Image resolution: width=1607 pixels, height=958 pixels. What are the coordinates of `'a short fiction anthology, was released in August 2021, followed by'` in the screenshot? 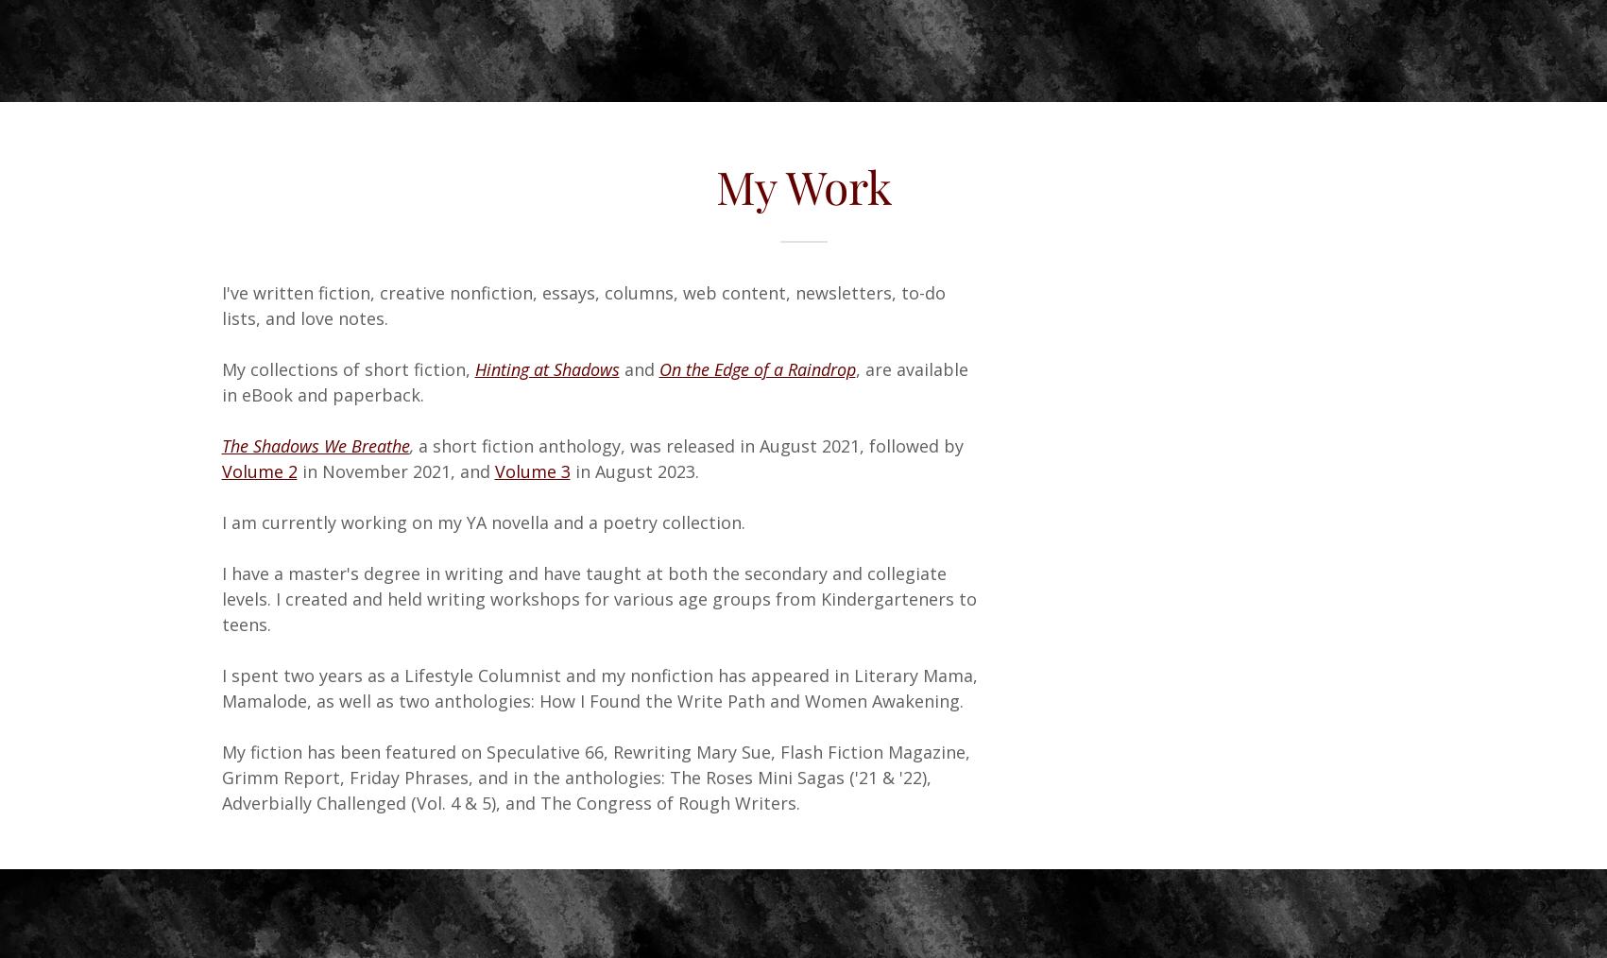 It's located at (690, 445).